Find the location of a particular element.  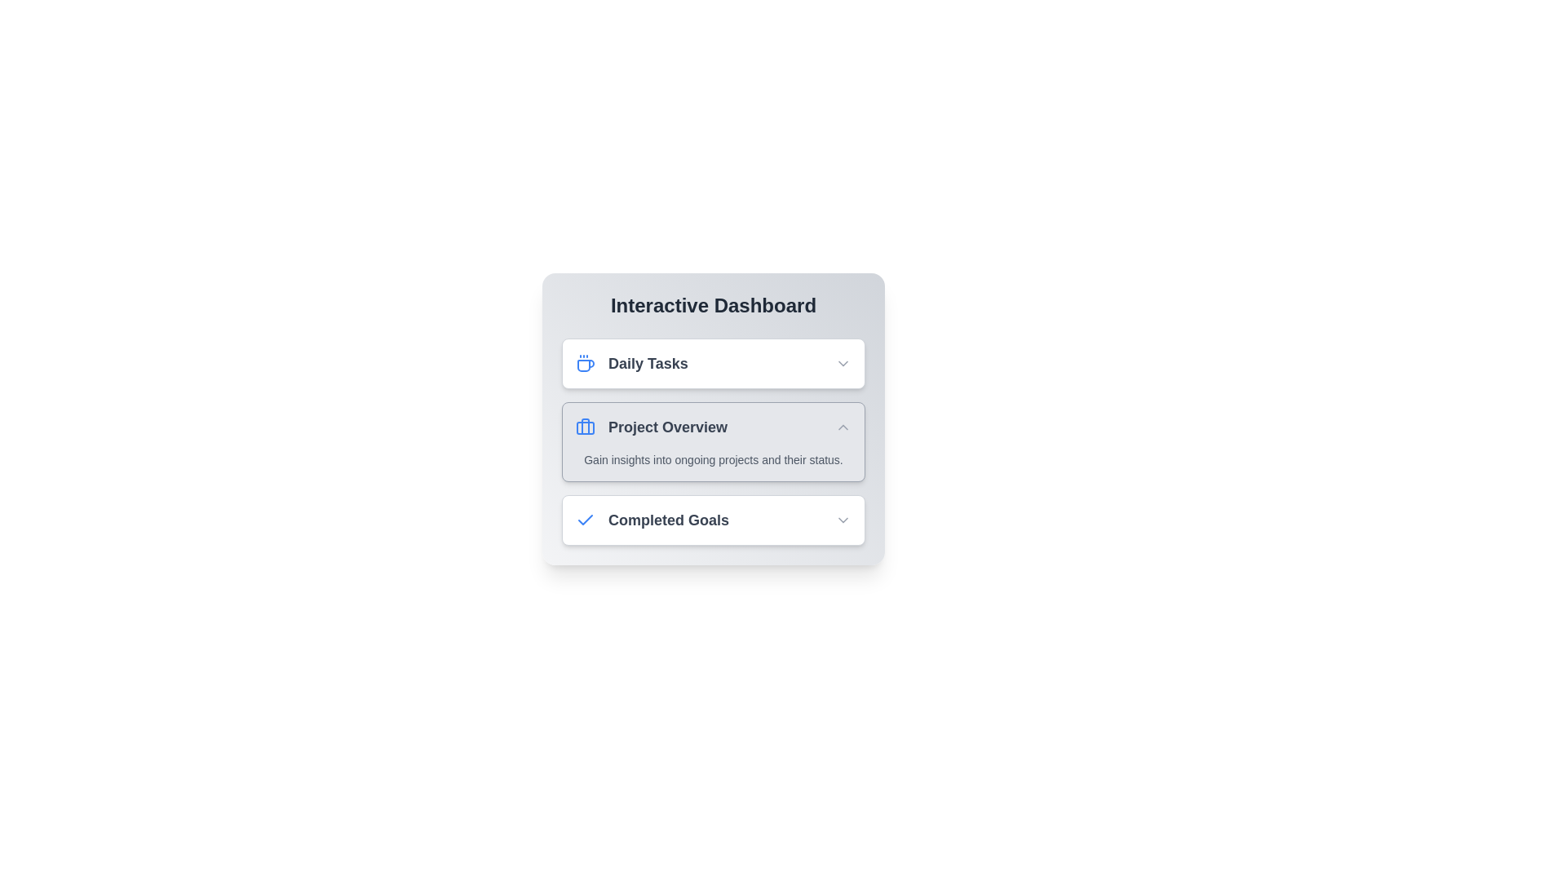

the section titled Project Overview to toggle its expanded state is located at coordinates (713, 427).